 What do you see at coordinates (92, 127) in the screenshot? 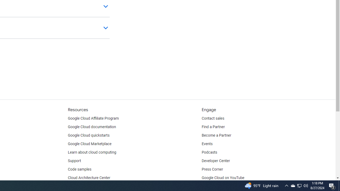
I see `'Google Cloud documentation'` at bounding box center [92, 127].